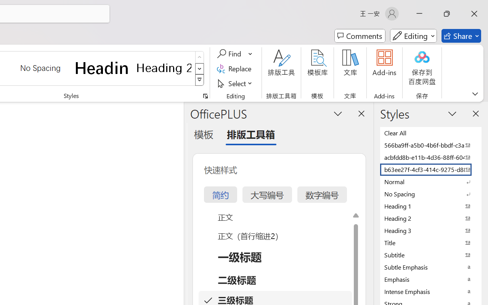  What do you see at coordinates (431, 230) in the screenshot?
I see `'Heading 3'` at bounding box center [431, 230].